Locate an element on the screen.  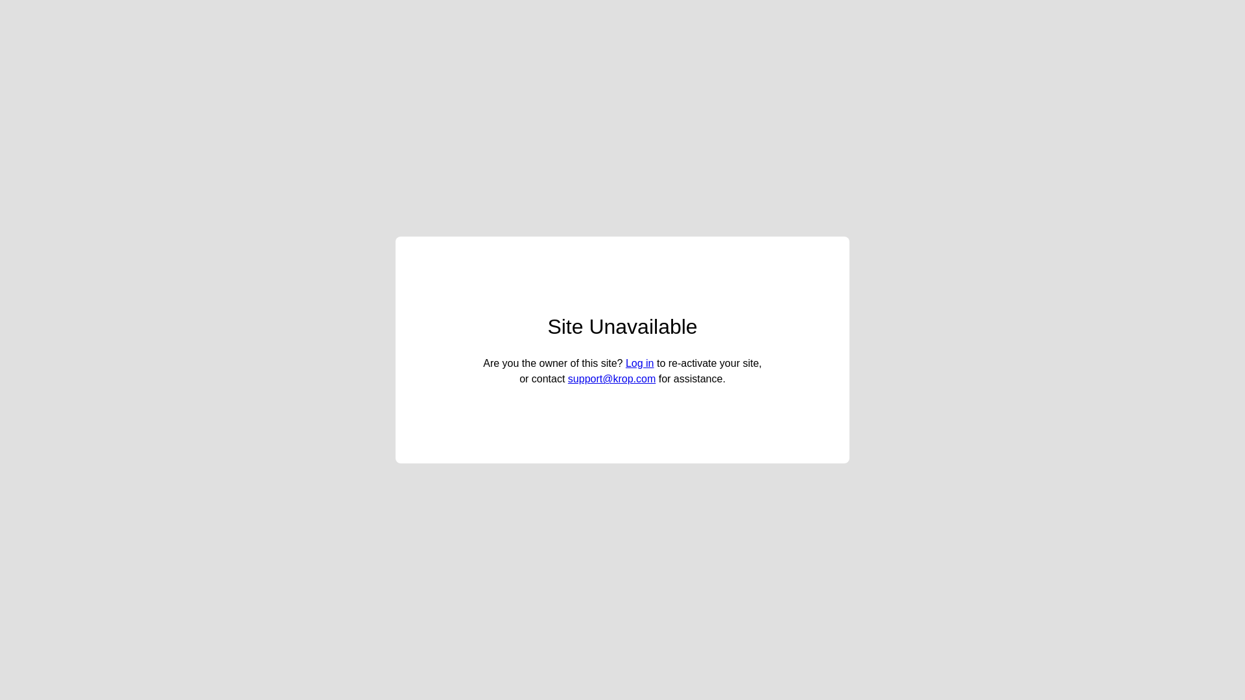
'Log in' is located at coordinates (640, 363).